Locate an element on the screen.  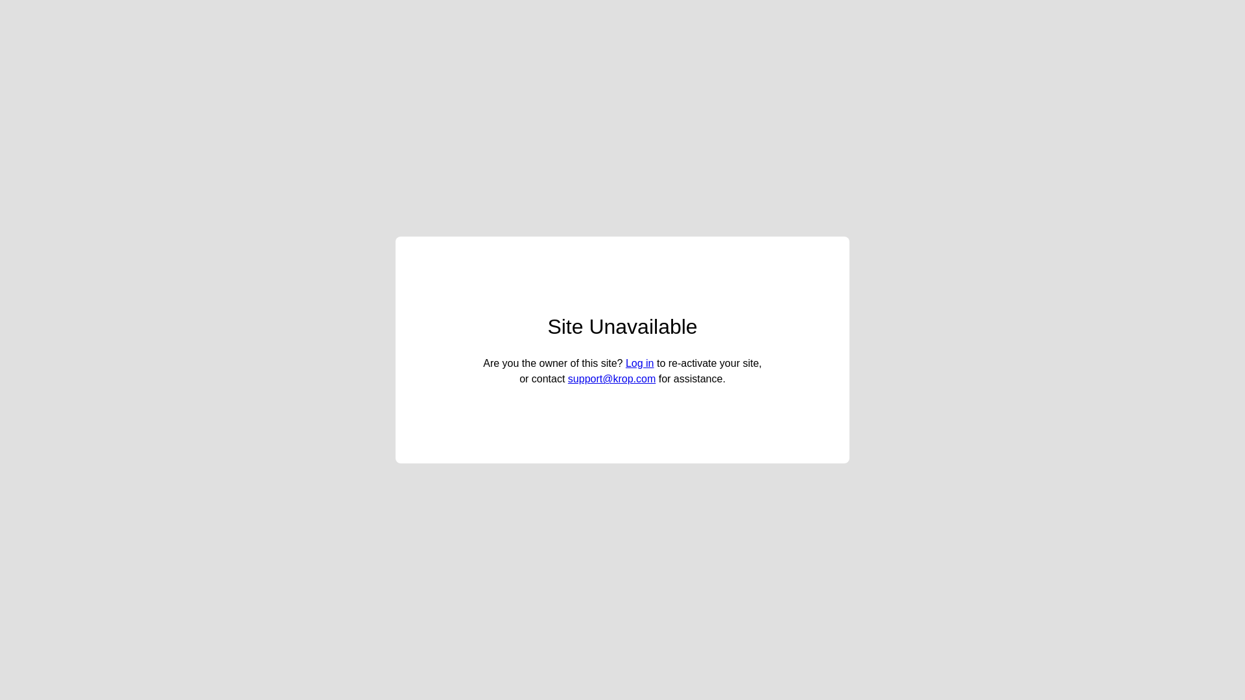
'Log in' is located at coordinates (640, 363).